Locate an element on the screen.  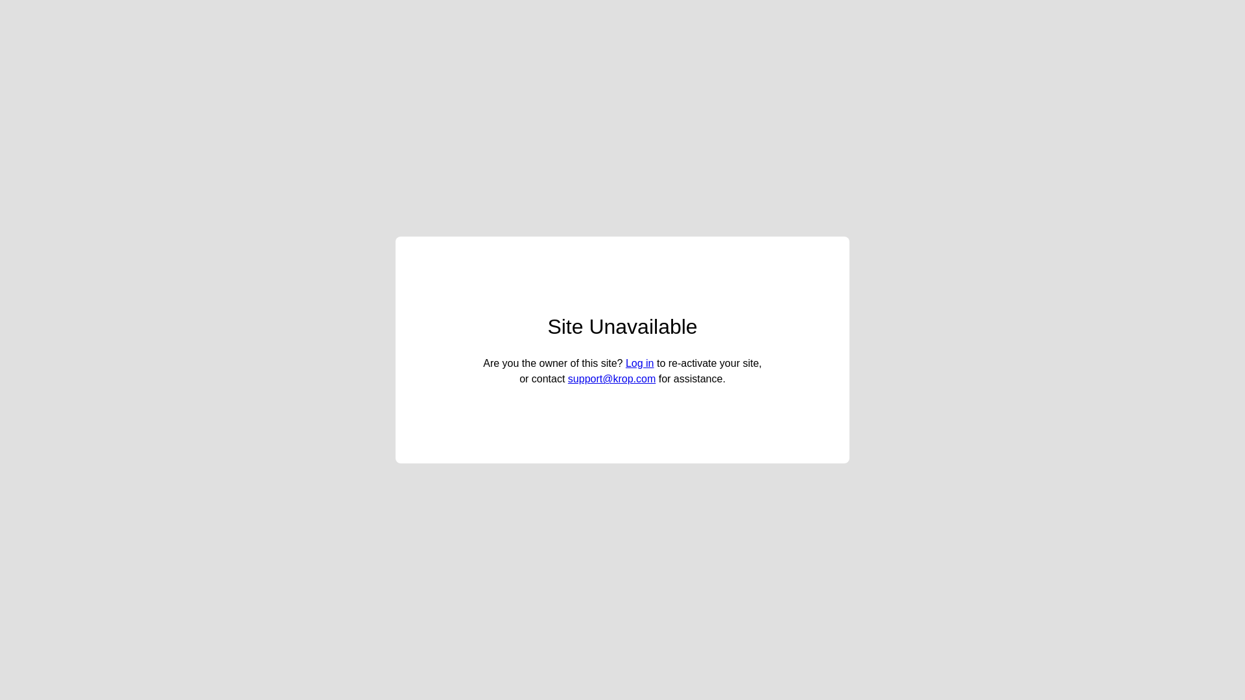
'Log in' is located at coordinates (640, 363).